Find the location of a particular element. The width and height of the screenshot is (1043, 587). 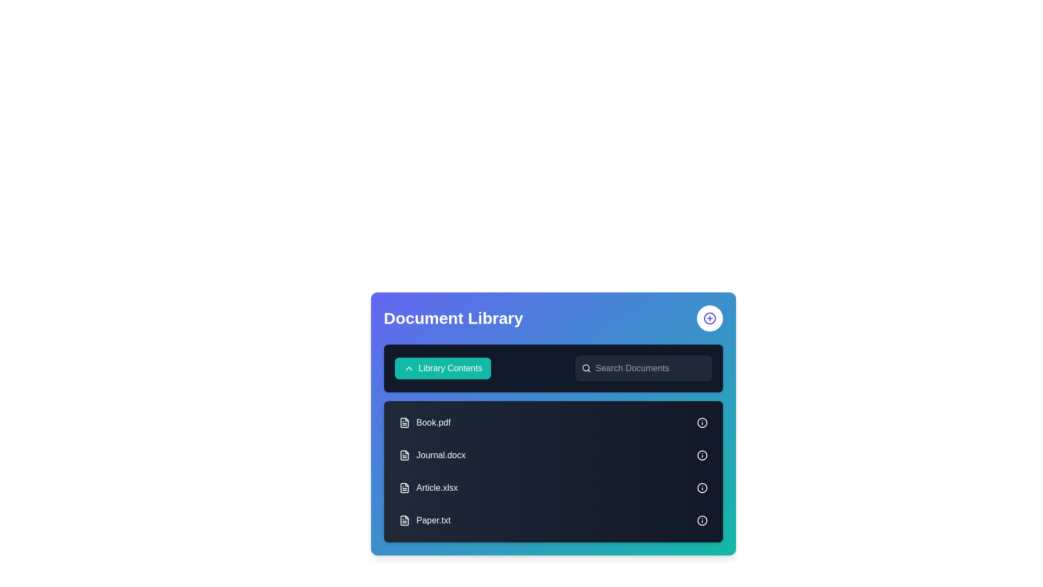

the text input field located towards the top right of the dark-colored panel below the 'Document Library' header to indicate interactivity is located at coordinates (650, 368).